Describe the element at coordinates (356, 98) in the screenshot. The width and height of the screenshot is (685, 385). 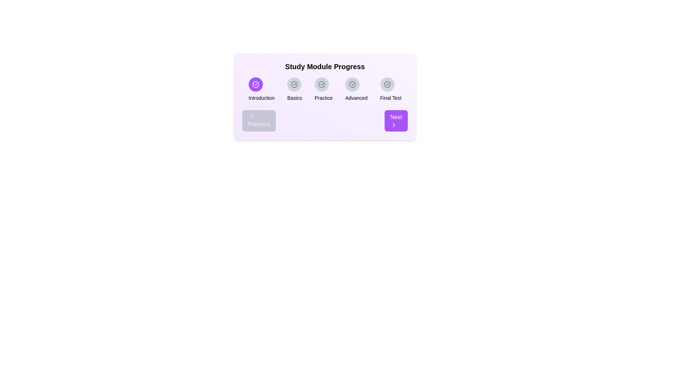
I see `the text label indicating the fourth progress stage in the 'Study Module Progress' component` at that location.